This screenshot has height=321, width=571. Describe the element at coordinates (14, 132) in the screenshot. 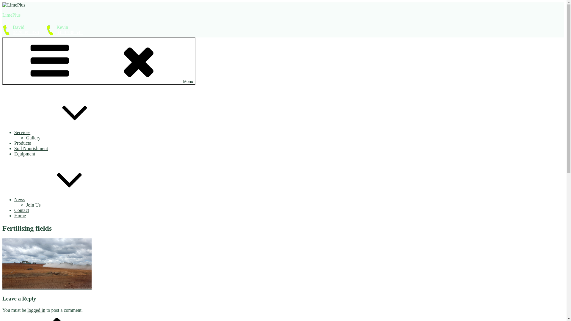

I see `'Services'` at that location.